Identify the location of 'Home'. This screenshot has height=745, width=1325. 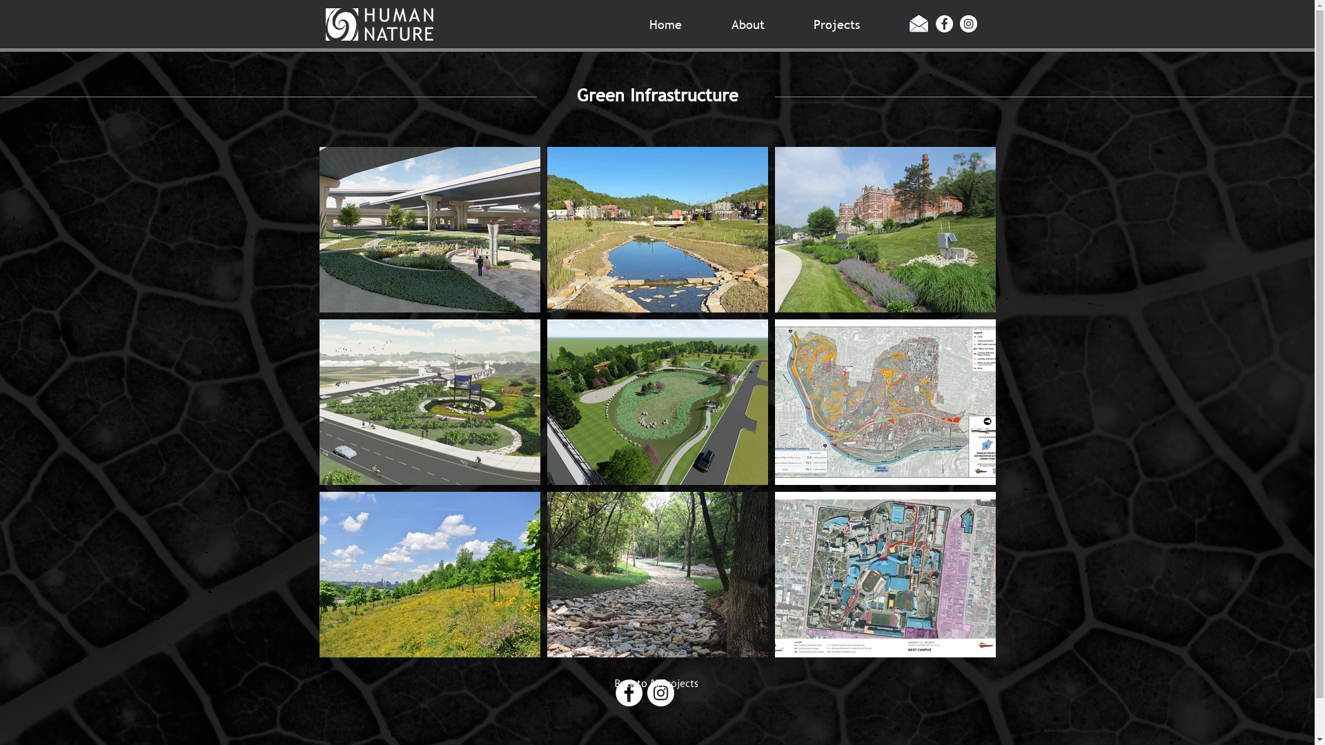
(680, 23).